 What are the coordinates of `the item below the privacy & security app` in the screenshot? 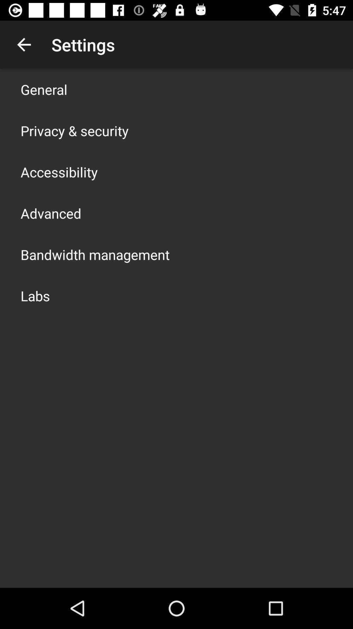 It's located at (59, 172).